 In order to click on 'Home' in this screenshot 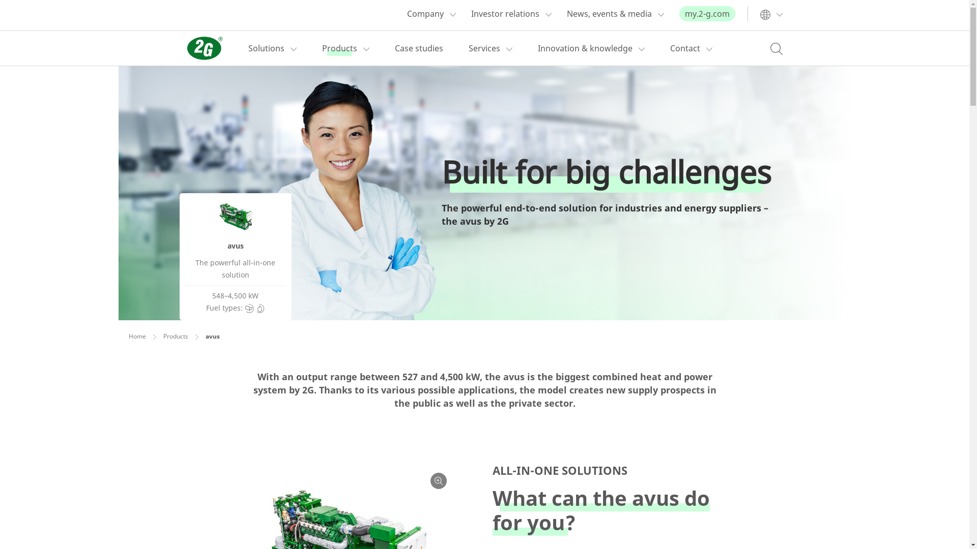, I will do `click(136, 336)`.